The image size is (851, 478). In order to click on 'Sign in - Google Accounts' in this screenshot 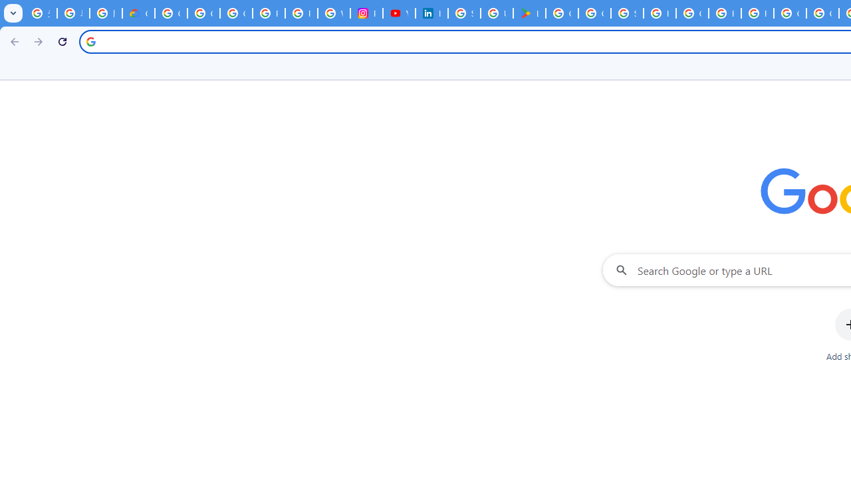, I will do `click(464, 13)`.